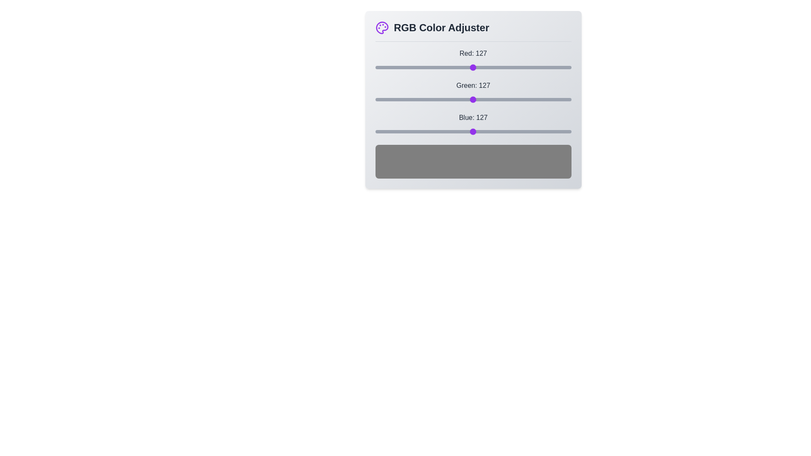  Describe the element at coordinates (482, 132) in the screenshot. I see `the blue slider to 139 by dragging the slider` at that location.